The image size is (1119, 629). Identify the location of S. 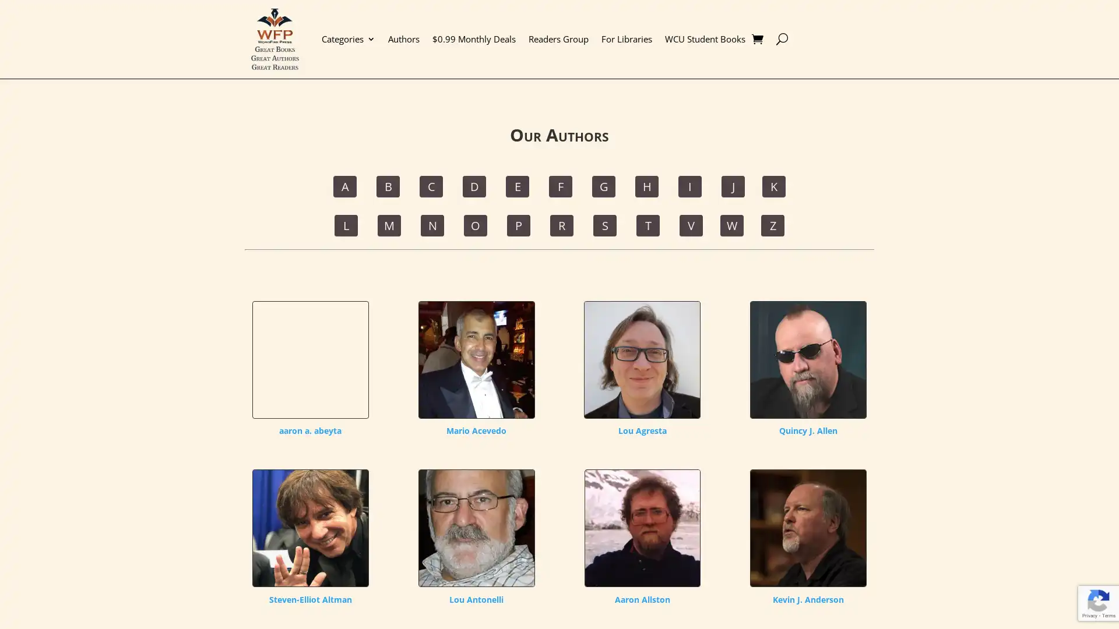
(604, 225).